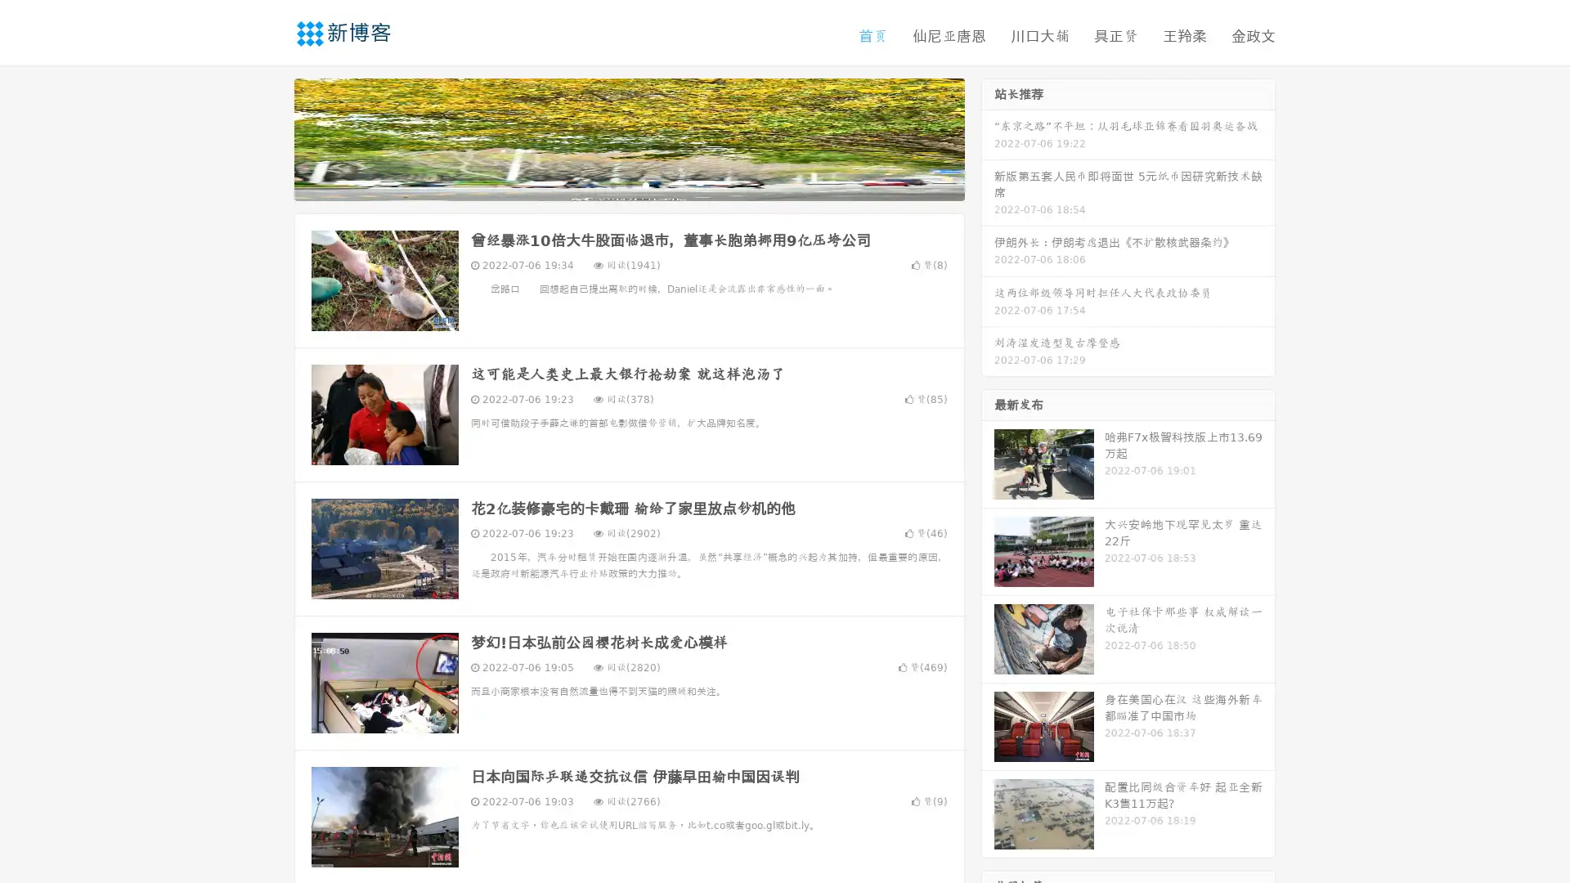 Image resolution: width=1570 pixels, height=883 pixels. What do you see at coordinates (628, 184) in the screenshot?
I see `Go to slide 2` at bounding box center [628, 184].